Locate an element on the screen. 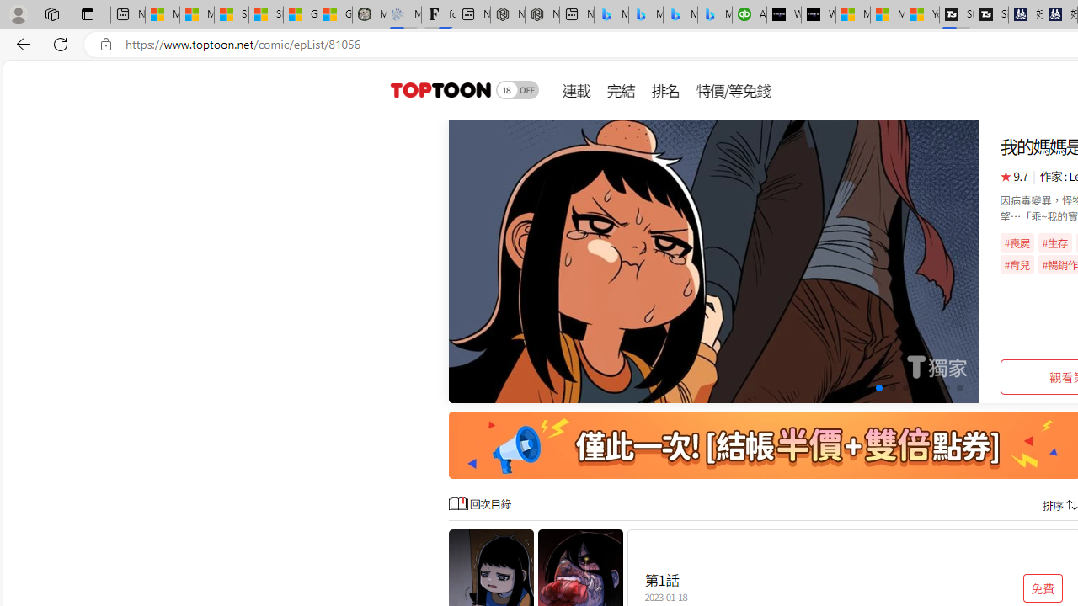 The width and height of the screenshot is (1078, 606). 'Microsoft Start' is located at coordinates (887, 14).